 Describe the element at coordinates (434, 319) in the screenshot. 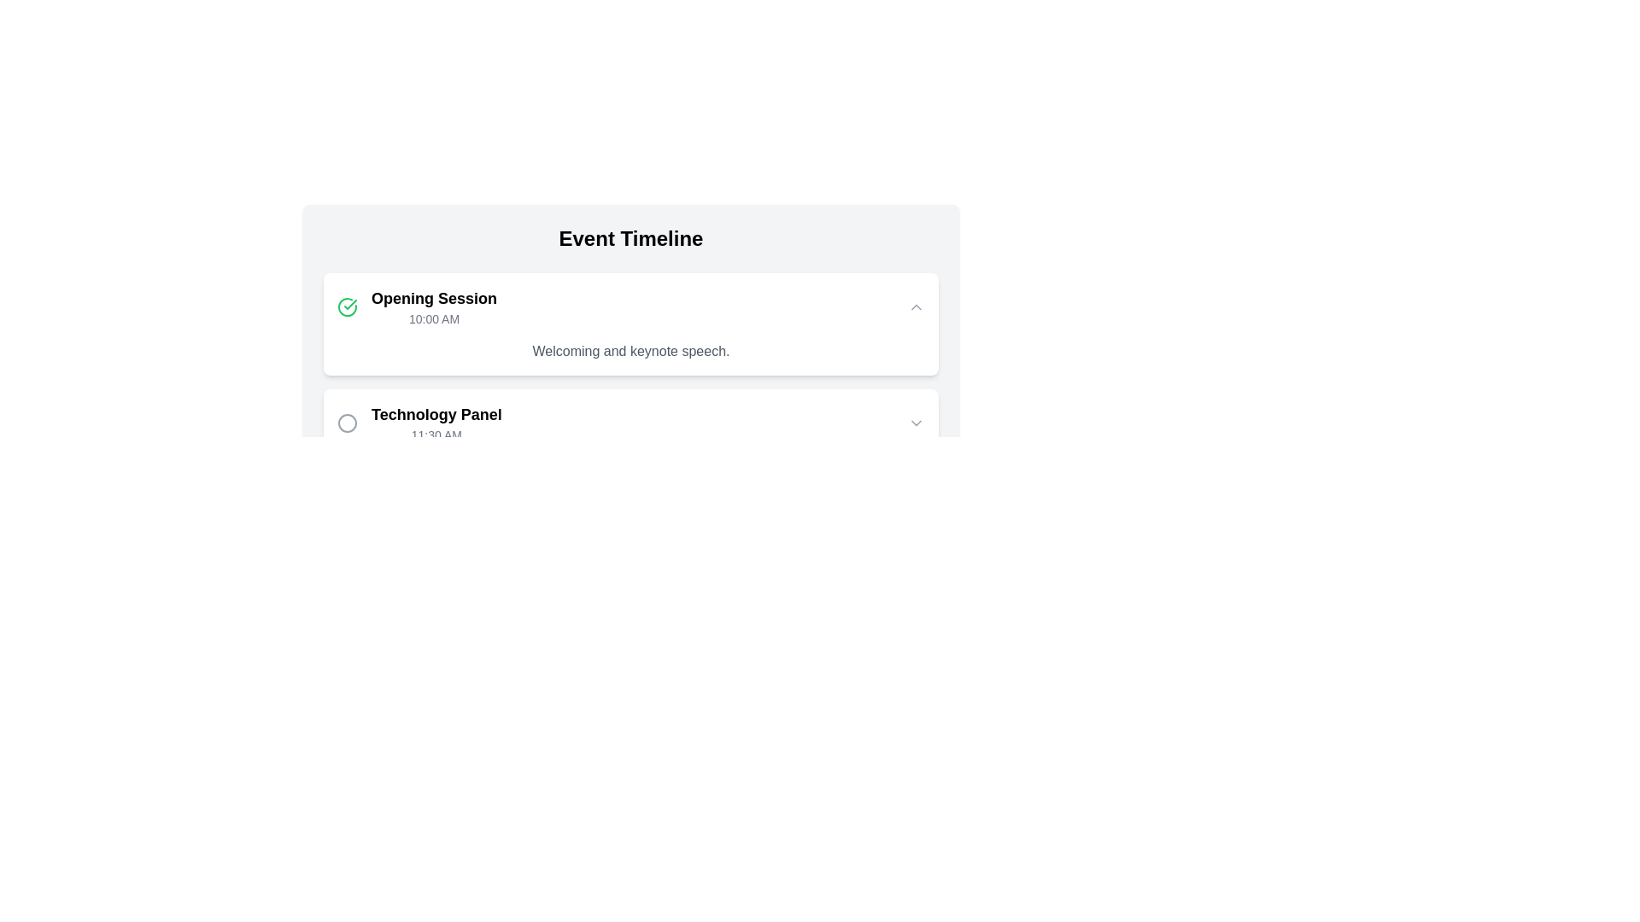

I see `attention on the text label displaying the scheduled time for the 'Opening Session' event` at that location.